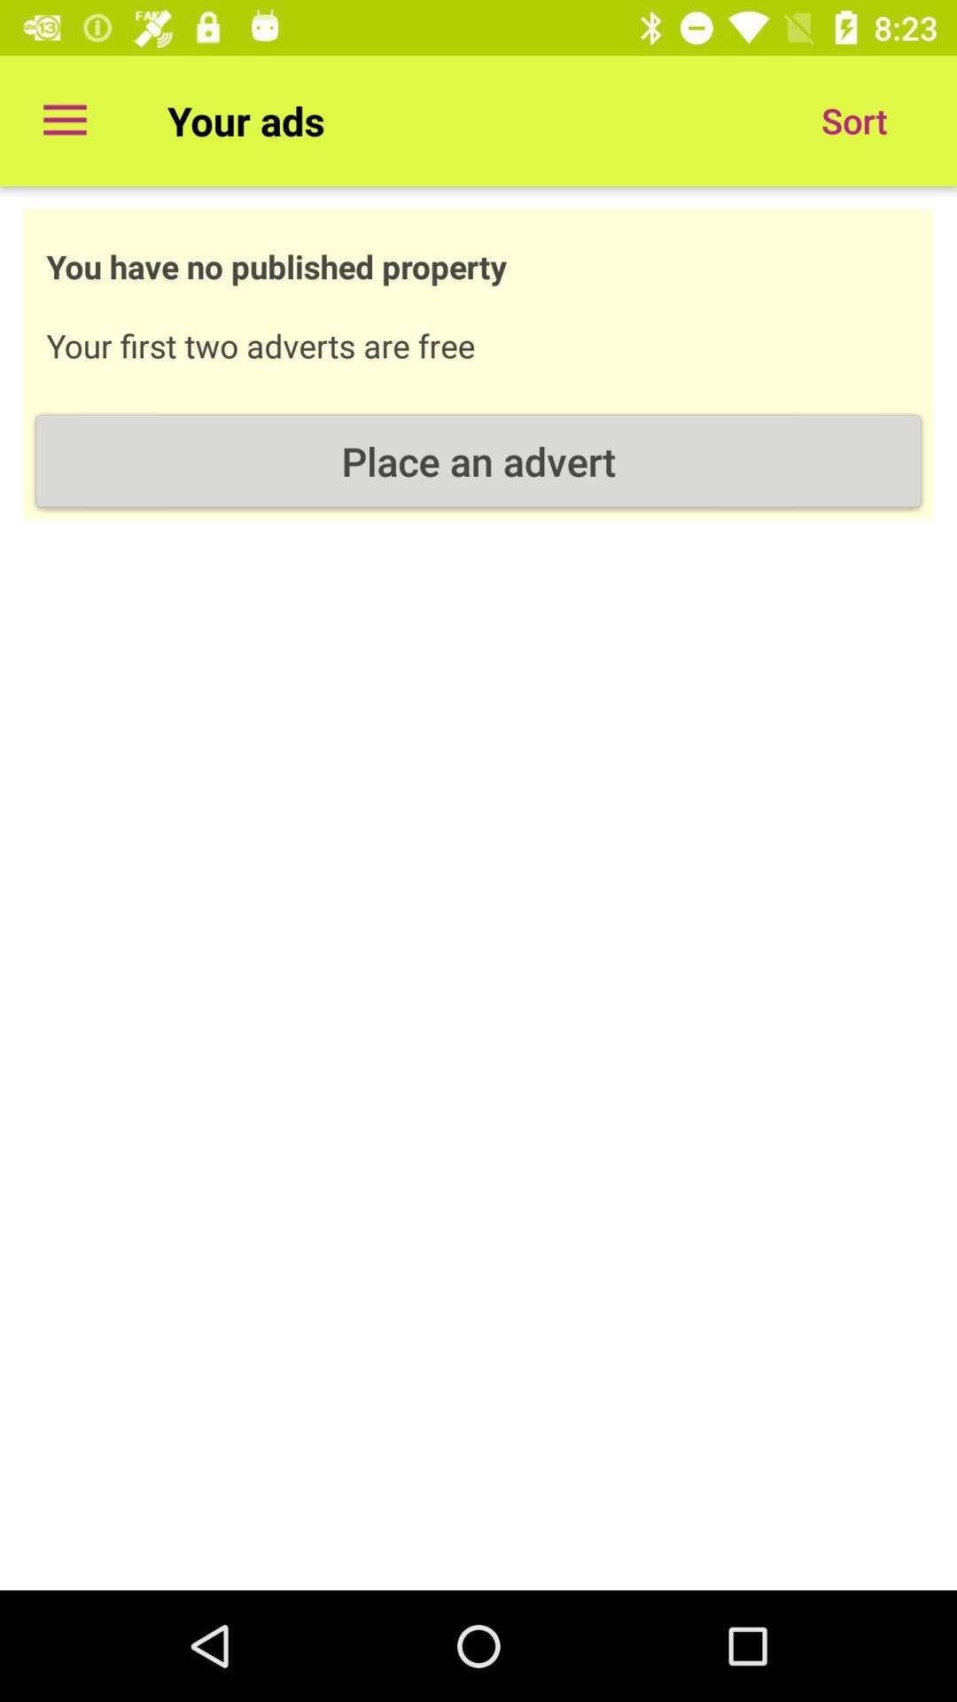 The image size is (957, 1702). Describe the element at coordinates (853, 120) in the screenshot. I see `the icon above the place an advert item` at that location.